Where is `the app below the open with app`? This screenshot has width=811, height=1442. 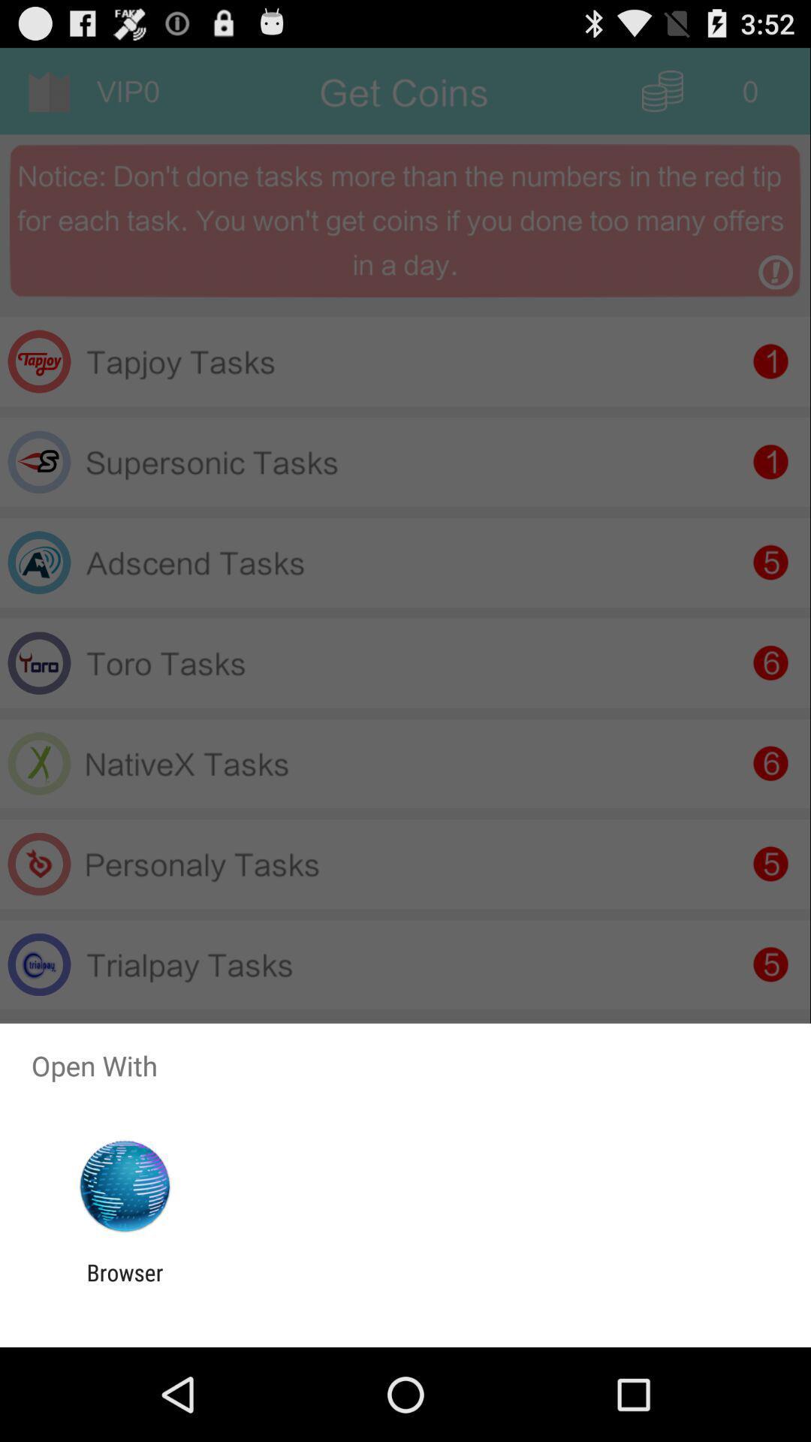 the app below the open with app is located at coordinates (124, 1186).